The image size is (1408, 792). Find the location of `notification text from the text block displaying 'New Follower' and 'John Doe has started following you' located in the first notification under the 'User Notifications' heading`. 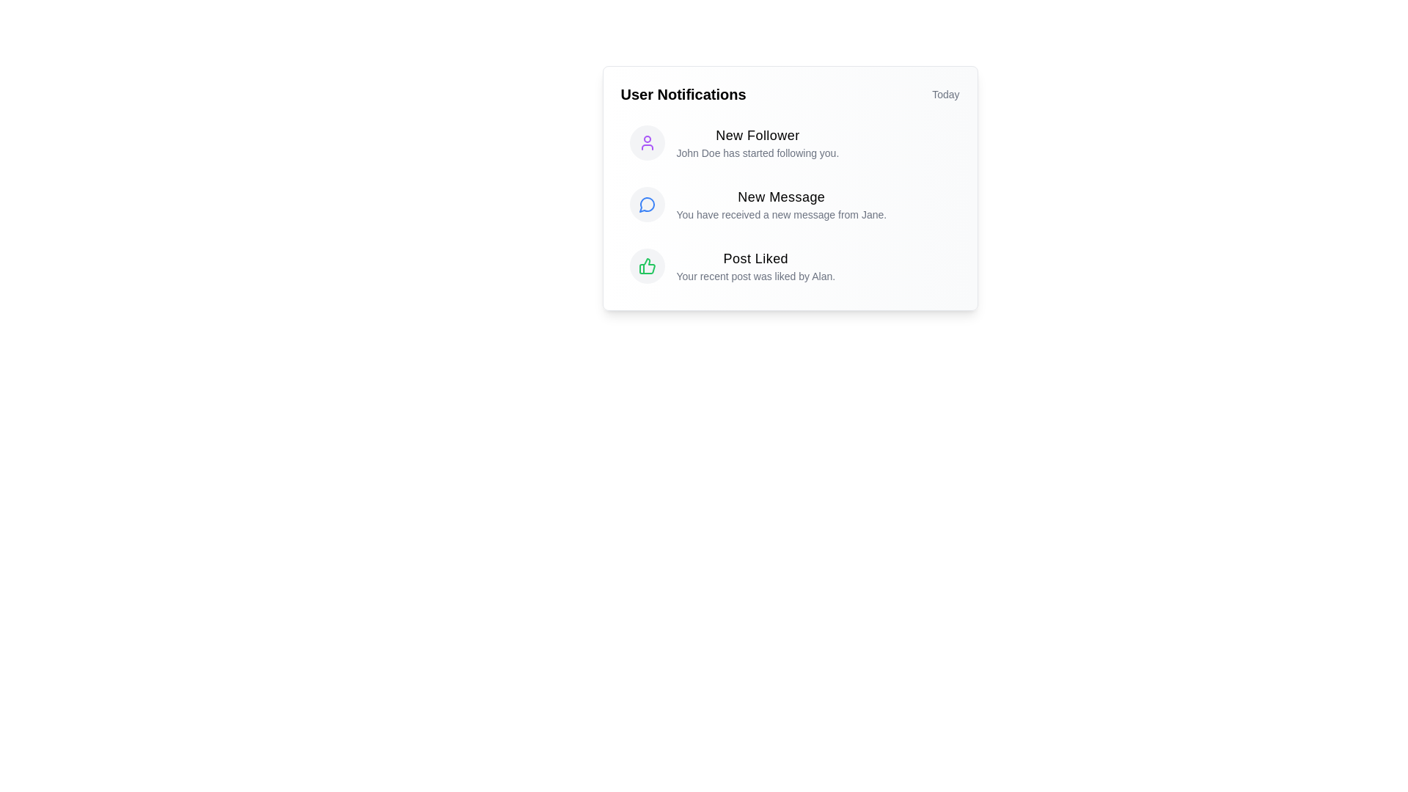

notification text from the text block displaying 'New Follower' and 'John Doe has started following you' located in the first notification under the 'User Notifications' heading is located at coordinates (758, 143).